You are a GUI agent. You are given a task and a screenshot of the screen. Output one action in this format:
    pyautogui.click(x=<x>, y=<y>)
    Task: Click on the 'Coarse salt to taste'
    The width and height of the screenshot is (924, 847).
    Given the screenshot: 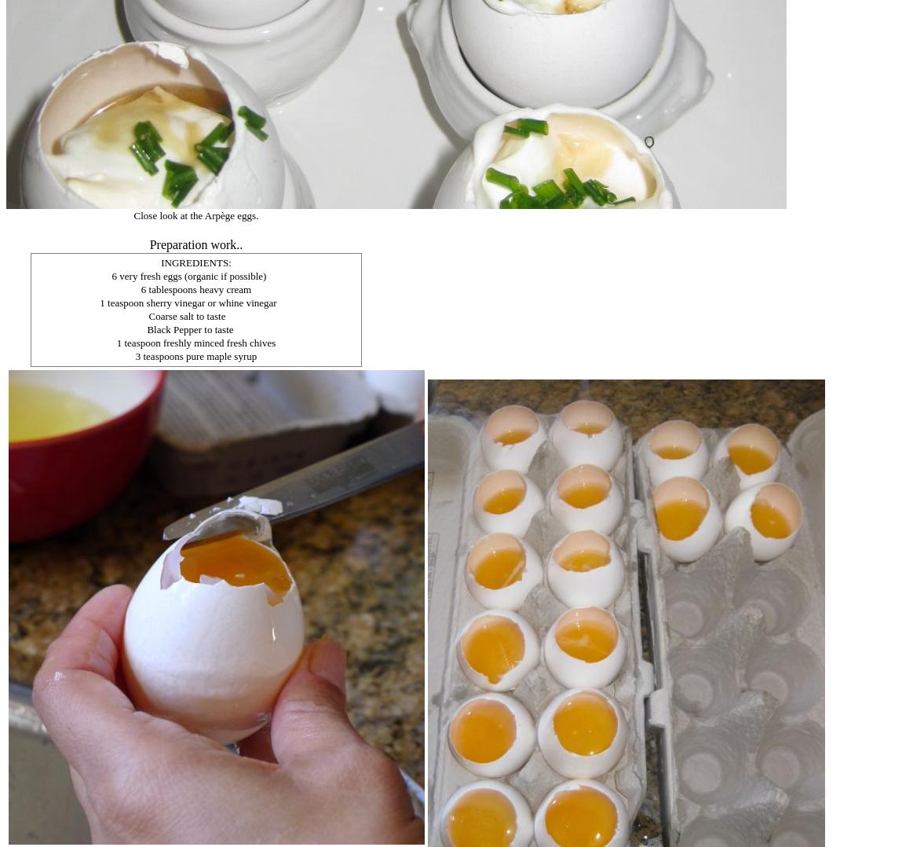 What is the action you would take?
    pyautogui.click(x=185, y=315)
    